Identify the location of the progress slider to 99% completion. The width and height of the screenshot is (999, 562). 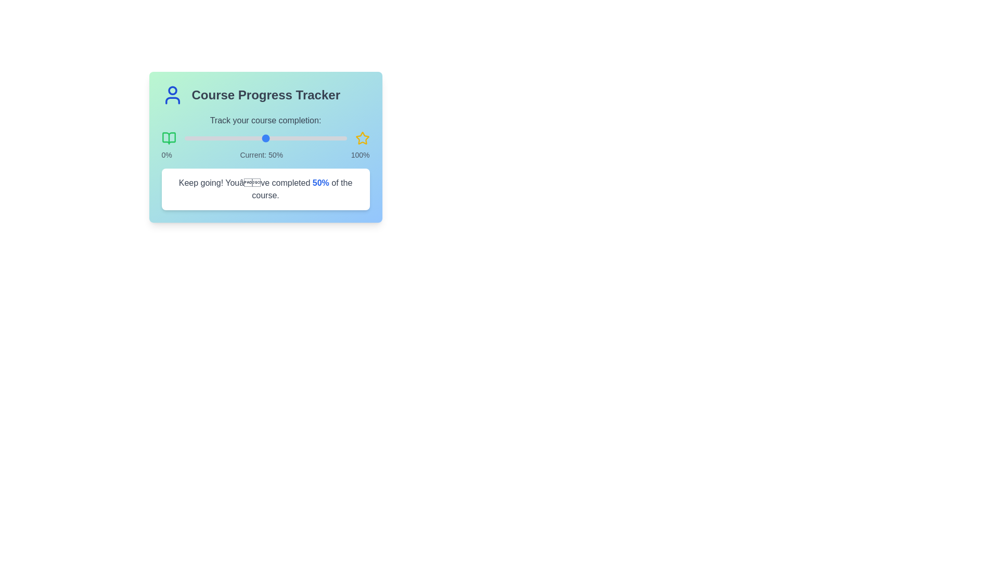
(345, 138).